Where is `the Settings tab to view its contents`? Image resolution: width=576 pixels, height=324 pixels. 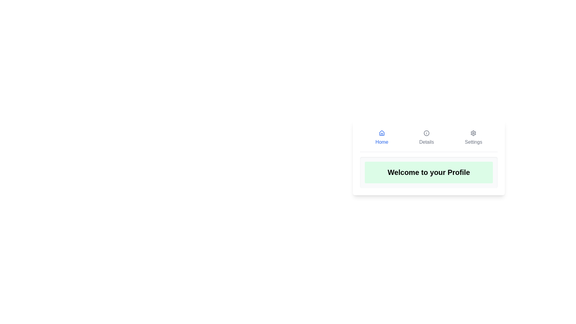 the Settings tab to view its contents is located at coordinates (473, 138).